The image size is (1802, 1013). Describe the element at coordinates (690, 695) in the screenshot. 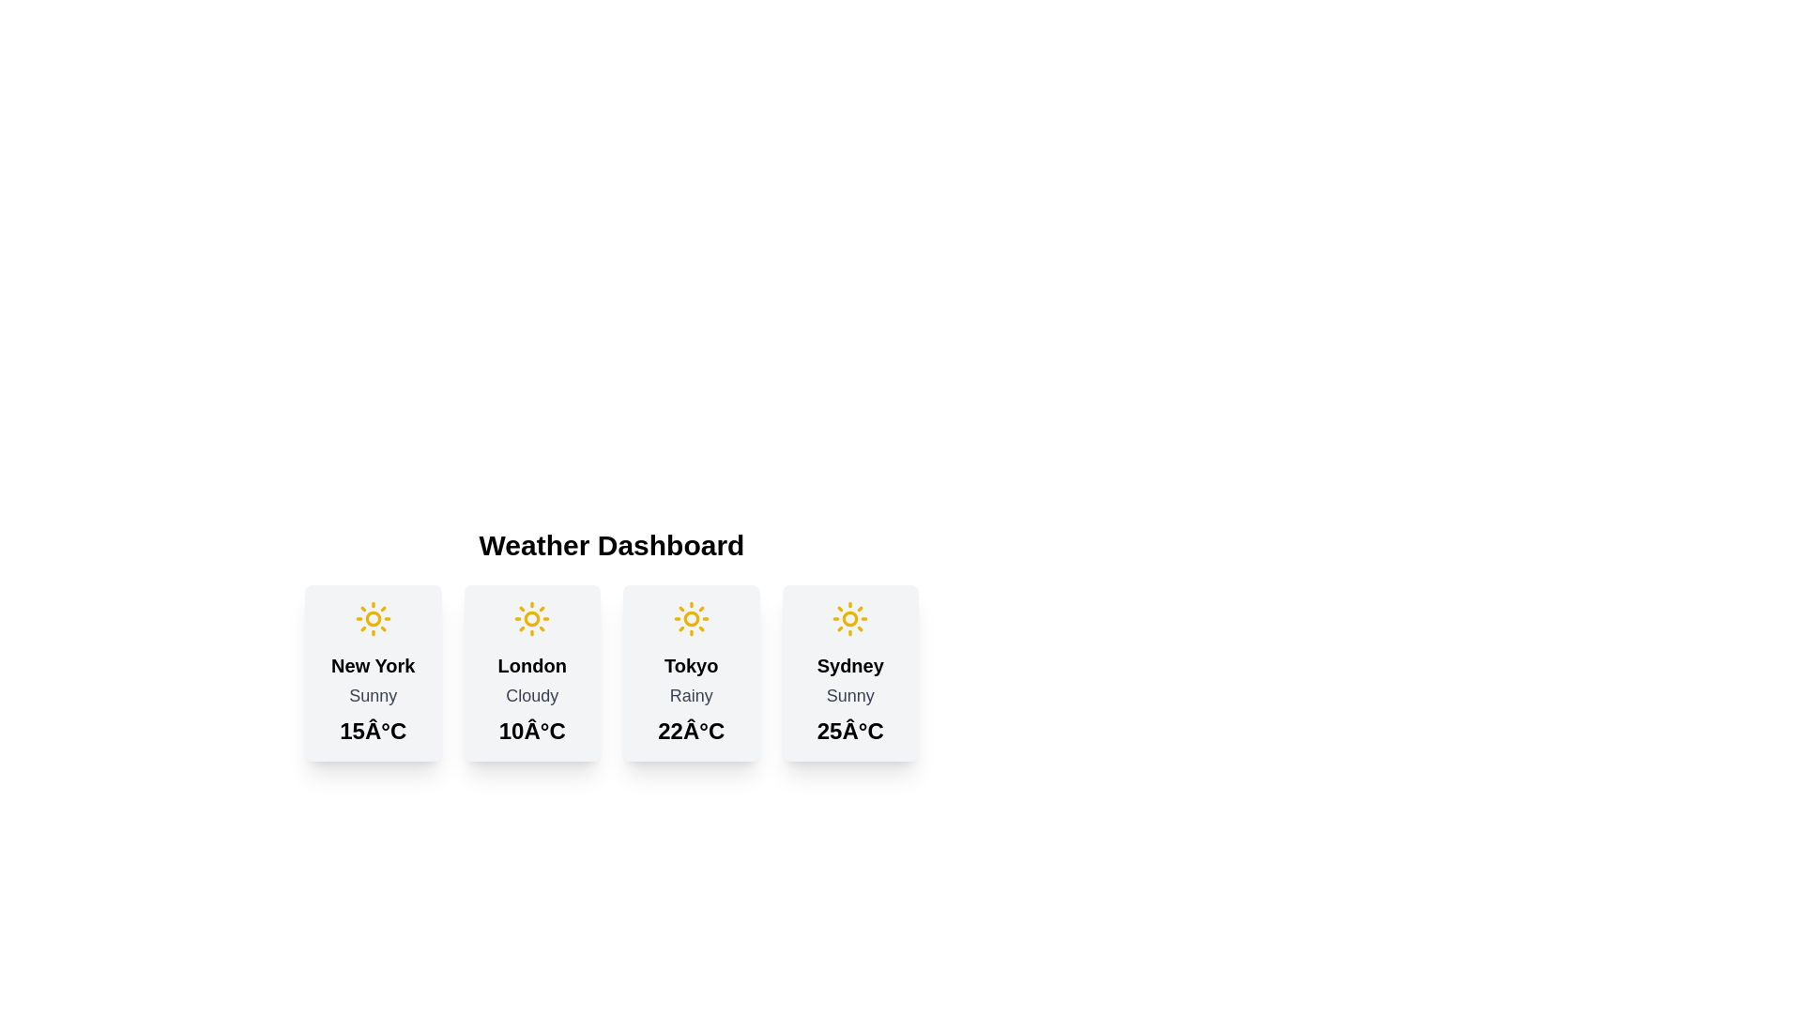

I see `the Static Text element displaying the word 'Rainy', which is located below the title 'Tokyo' in the weather information card` at that location.